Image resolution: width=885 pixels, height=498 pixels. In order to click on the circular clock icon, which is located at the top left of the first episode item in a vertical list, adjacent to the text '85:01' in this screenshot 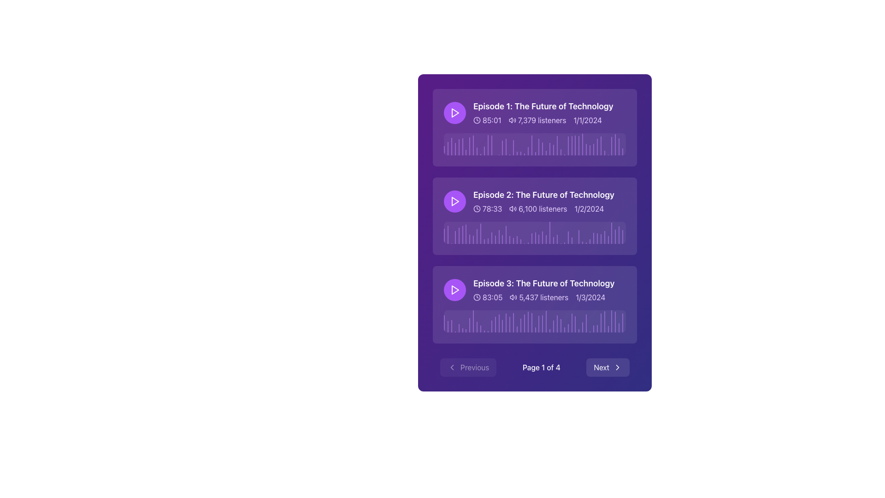, I will do `click(477, 120)`.